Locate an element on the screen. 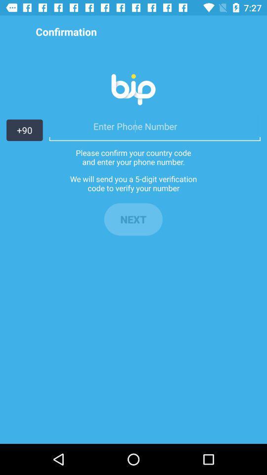 The width and height of the screenshot is (267, 475). item to the right of the +90 item is located at coordinates (155, 126).